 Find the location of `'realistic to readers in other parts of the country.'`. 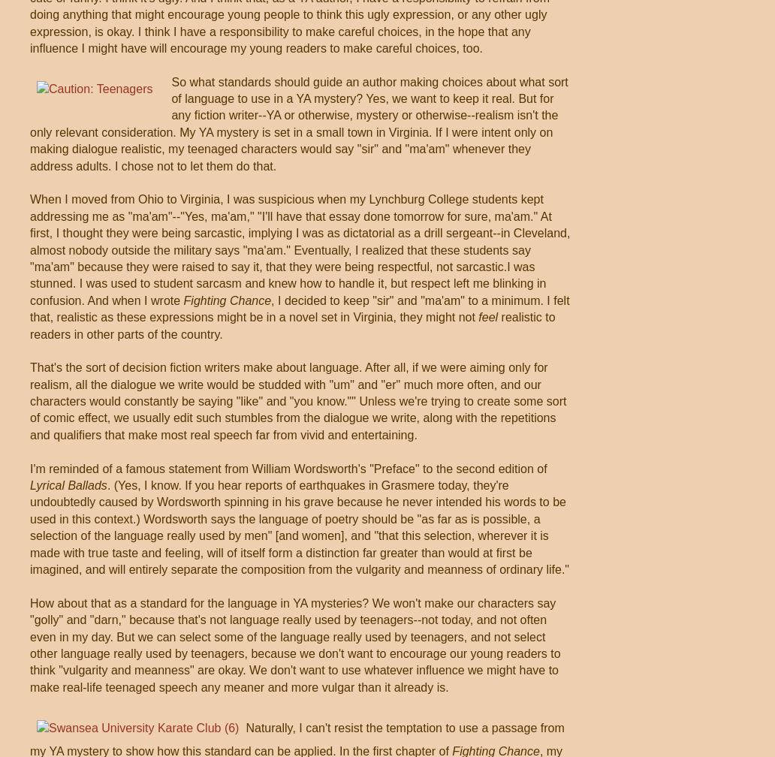

'realistic to readers in other parts of the country.' is located at coordinates (291, 325).